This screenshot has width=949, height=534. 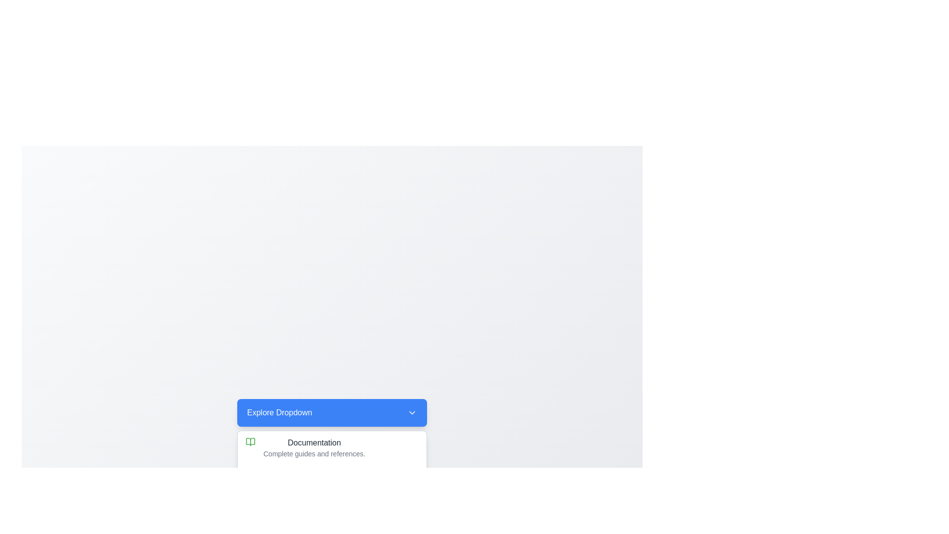 What do you see at coordinates (251, 442) in the screenshot?
I see `the green open book icon, which is located on the left side of the horizontal layout that includes 'Documentation' and 'Complete guides and references.'` at bounding box center [251, 442].